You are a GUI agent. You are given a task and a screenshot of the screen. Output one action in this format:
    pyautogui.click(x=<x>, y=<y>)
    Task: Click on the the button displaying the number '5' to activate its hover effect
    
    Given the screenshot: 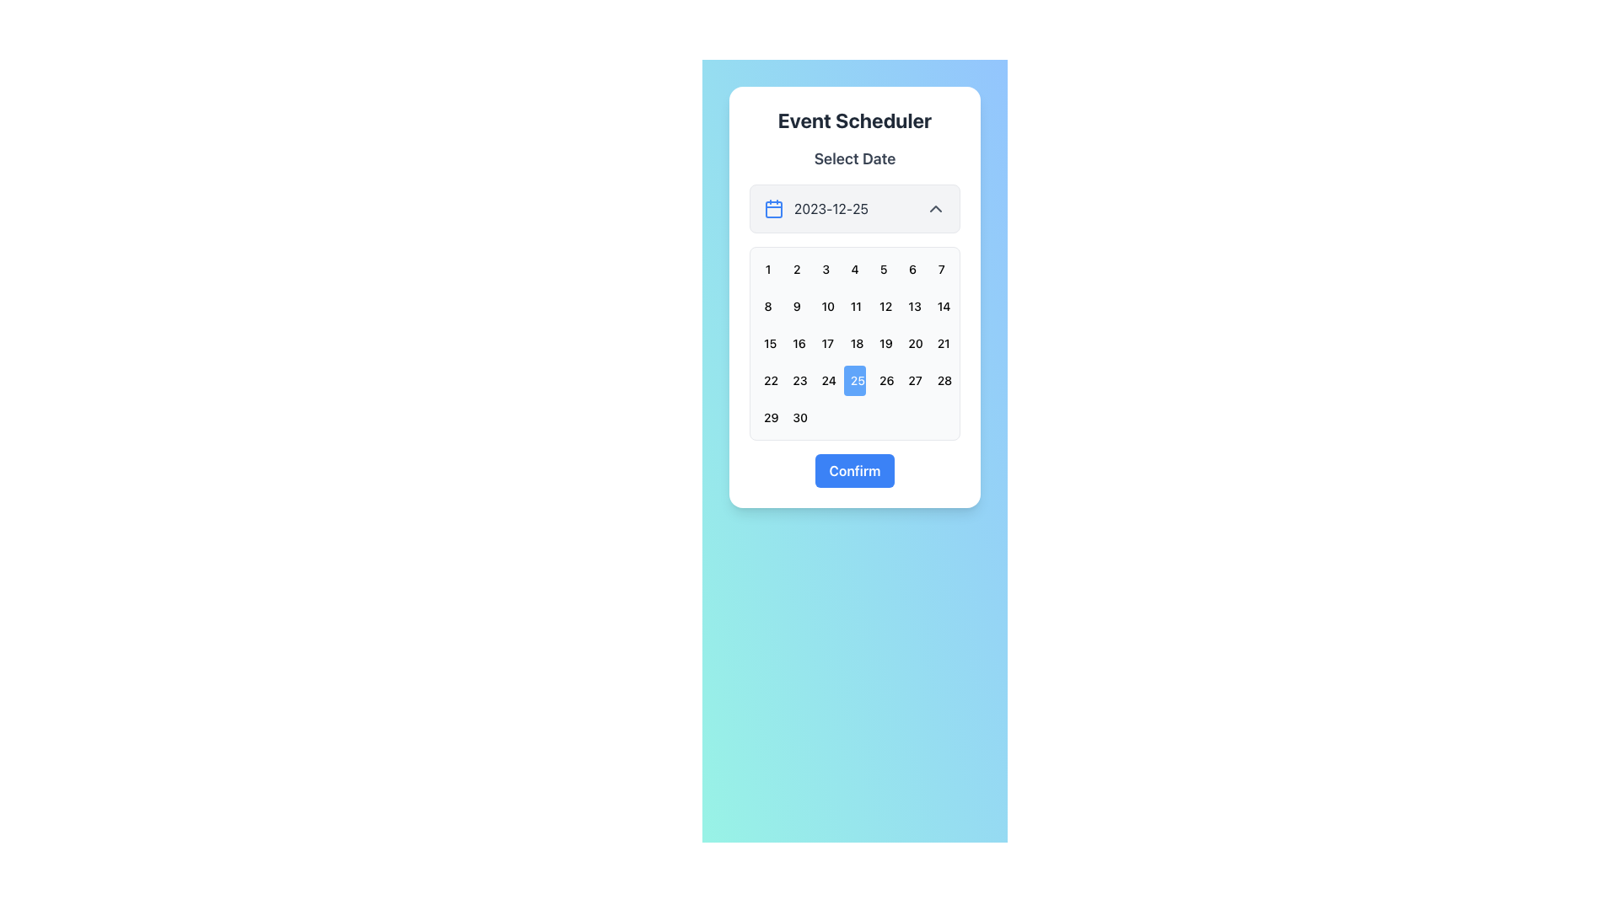 What is the action you would take?
    pyautogui.click(x=883, y=269)
    